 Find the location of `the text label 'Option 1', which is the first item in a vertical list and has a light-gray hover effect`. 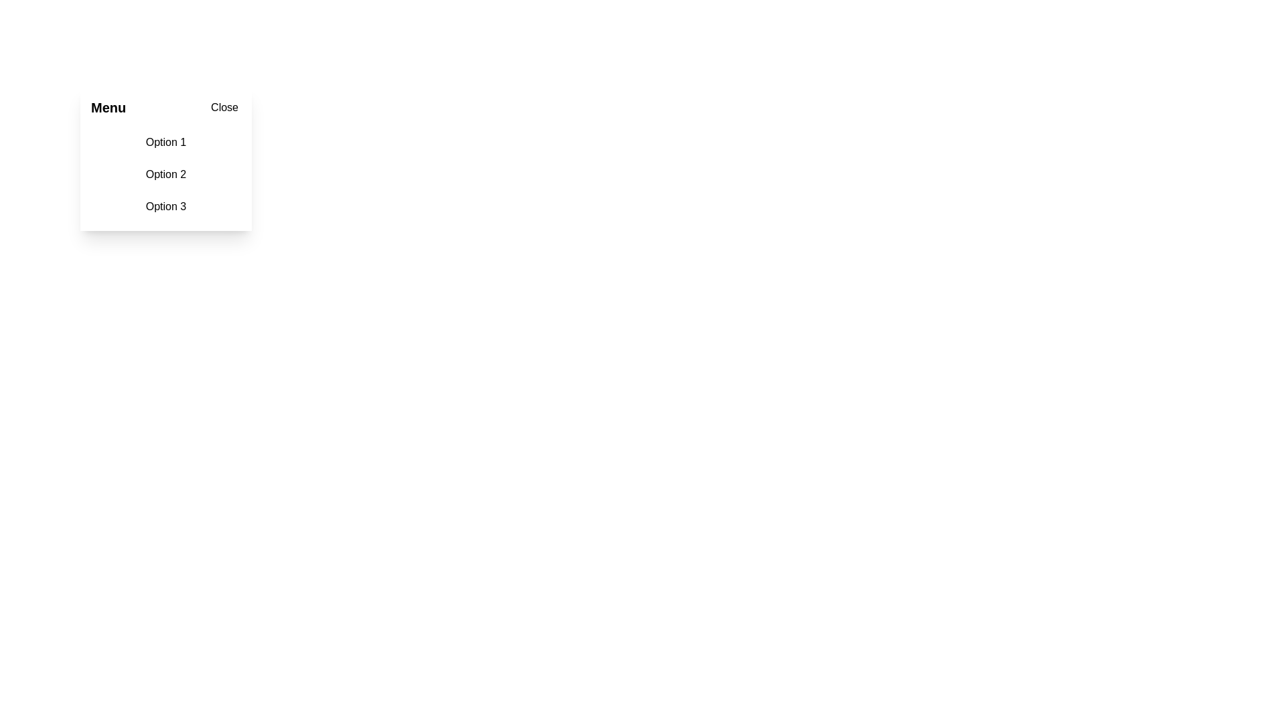

the text label 'Option 1', which is the first item in a vertical list and has a light-gray hover effect is located at coordinates (165, 142).